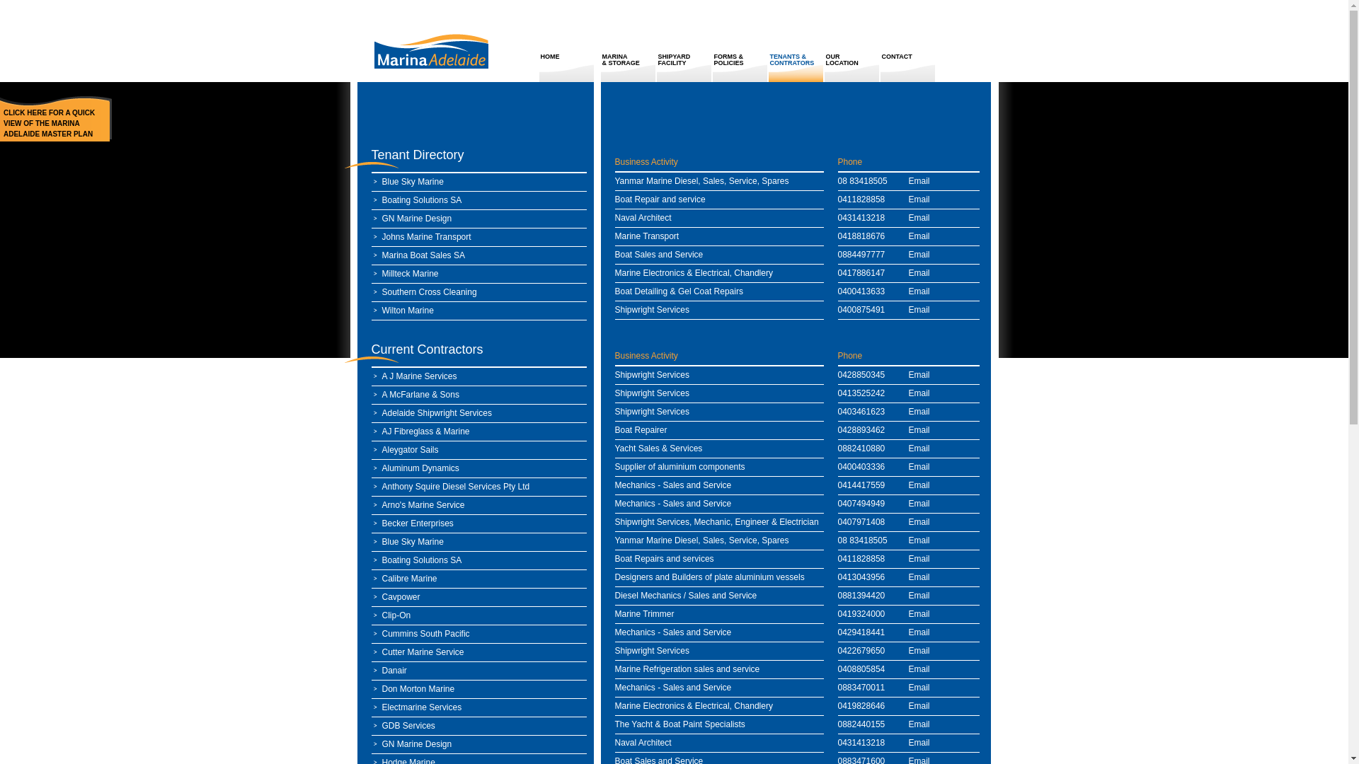  Describe the element at coordinates (919, 393) in the screenshot. I see `'Email'` at that location.